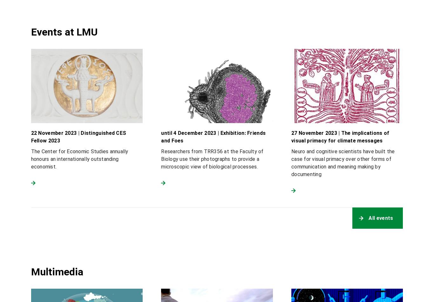  I want to click on 'Events at LMU', so click(64, 31).